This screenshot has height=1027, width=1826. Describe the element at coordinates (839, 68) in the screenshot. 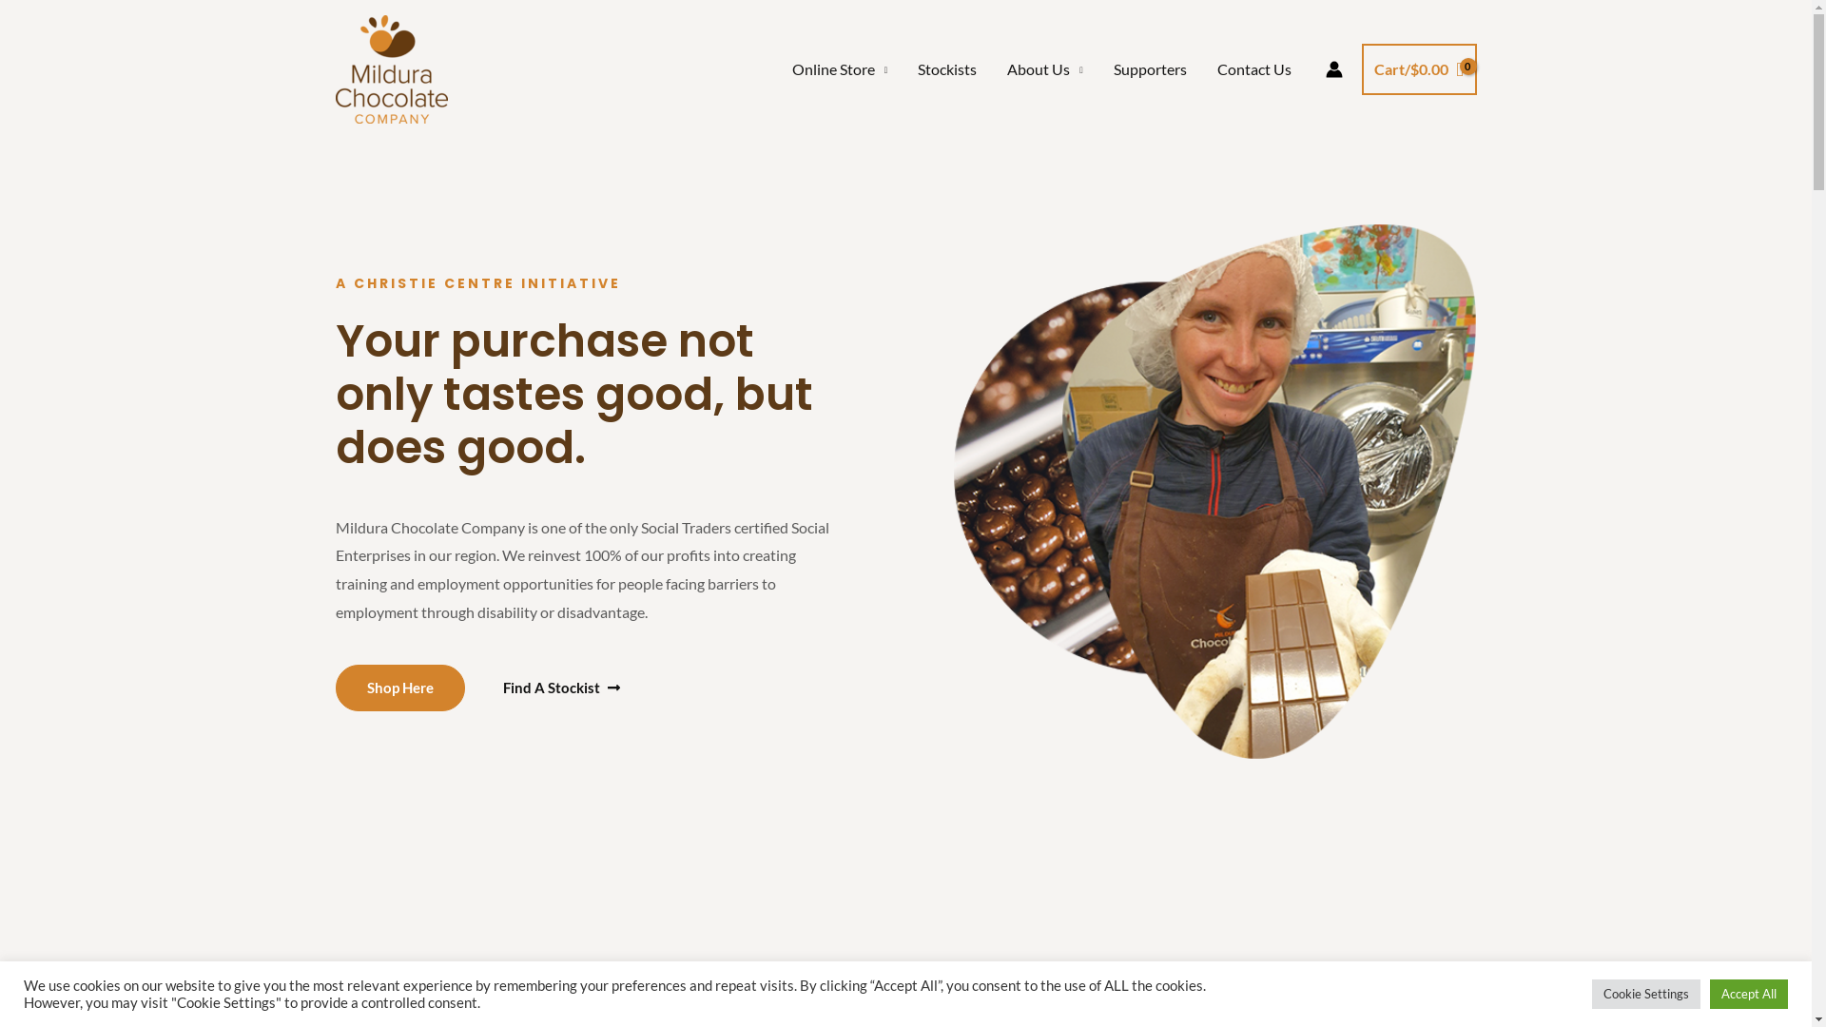

I see `'Online Store'` at that location.